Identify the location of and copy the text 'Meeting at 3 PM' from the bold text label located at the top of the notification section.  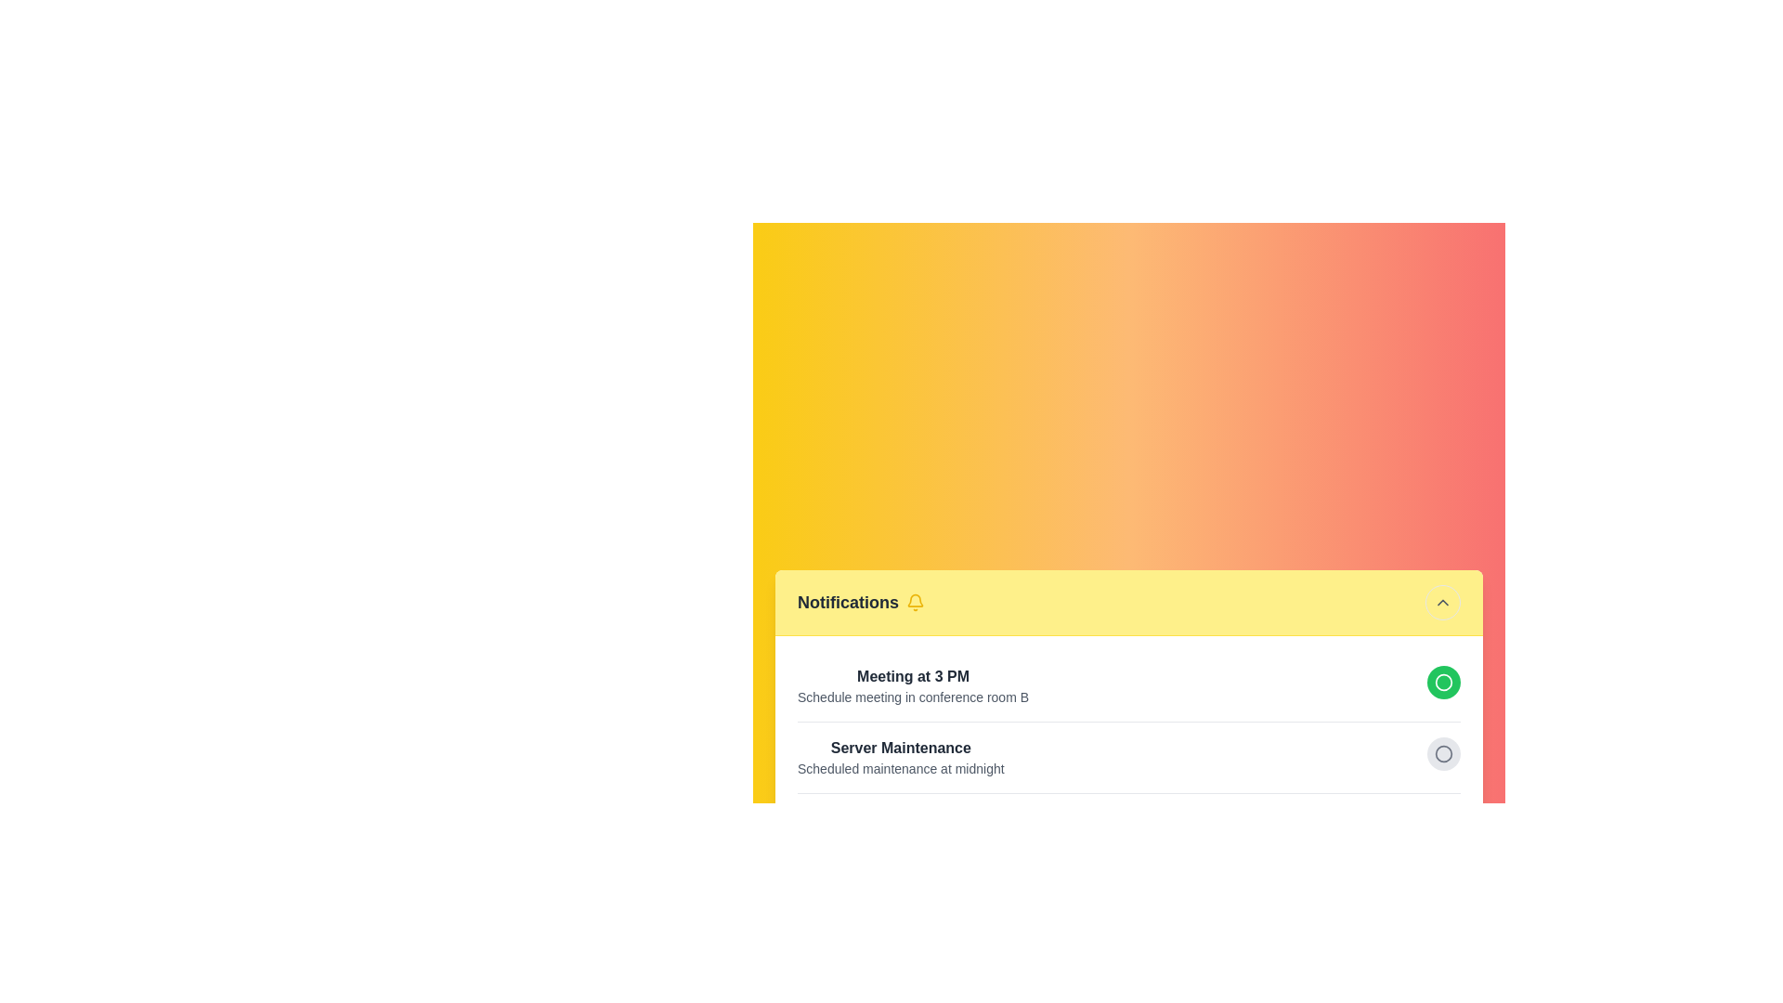
(913, 676).